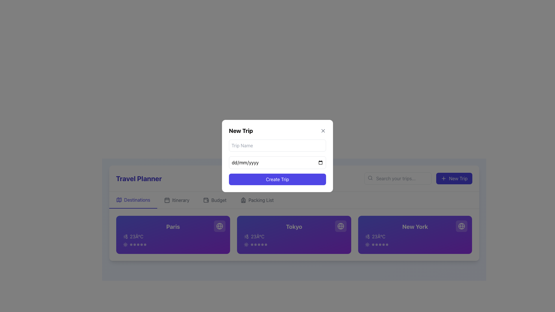  I want to click on the button at the bottom of the modal dialog to initiate the creation of a new trip, so click(277, 179).